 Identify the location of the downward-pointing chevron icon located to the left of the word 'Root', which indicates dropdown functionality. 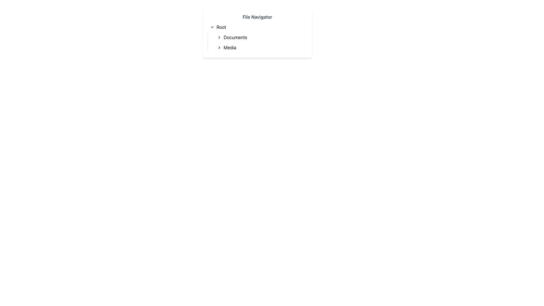
(212, 27).